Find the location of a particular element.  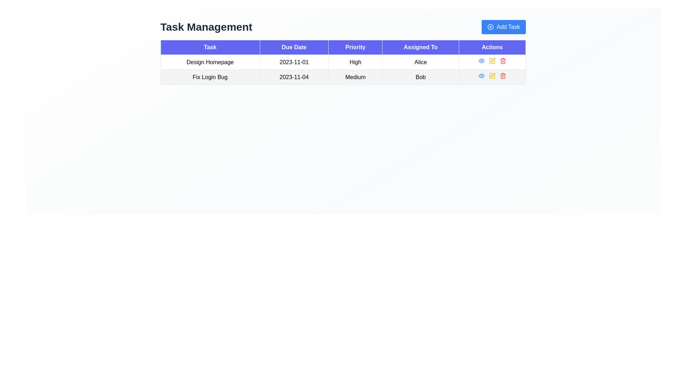

the header row of the table, which has a blue background and white text, consisting of headers labeled 'Task', 'Due Date', 'Priority', 'Assigned To', and 'Actions' is located at coordinates (343, 47).